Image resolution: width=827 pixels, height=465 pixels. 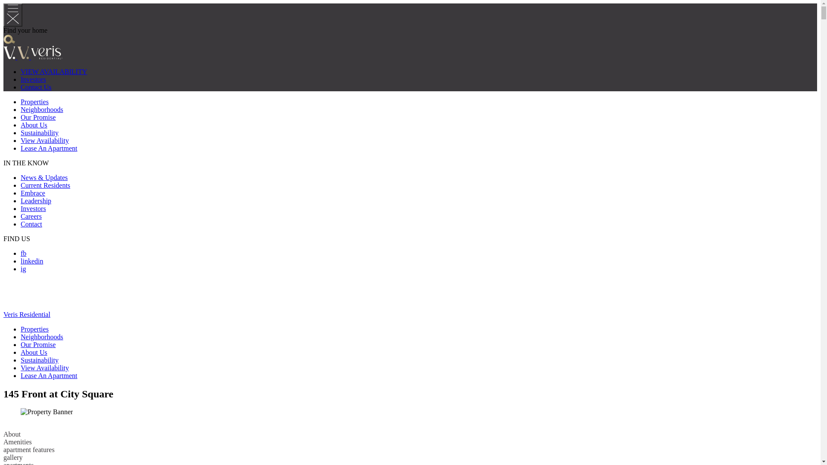 I want to click on 'Properties', so click(x=34, y=101).